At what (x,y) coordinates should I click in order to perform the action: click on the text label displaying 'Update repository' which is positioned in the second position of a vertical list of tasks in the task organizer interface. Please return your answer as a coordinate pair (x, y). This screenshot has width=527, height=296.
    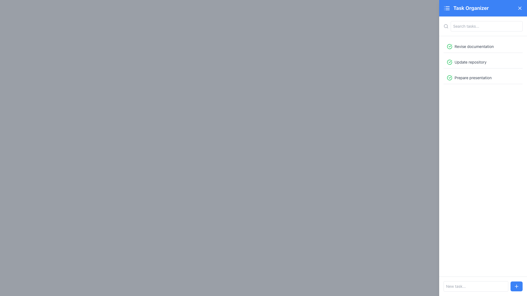
    Looking at the image, I should click on (470, 62).